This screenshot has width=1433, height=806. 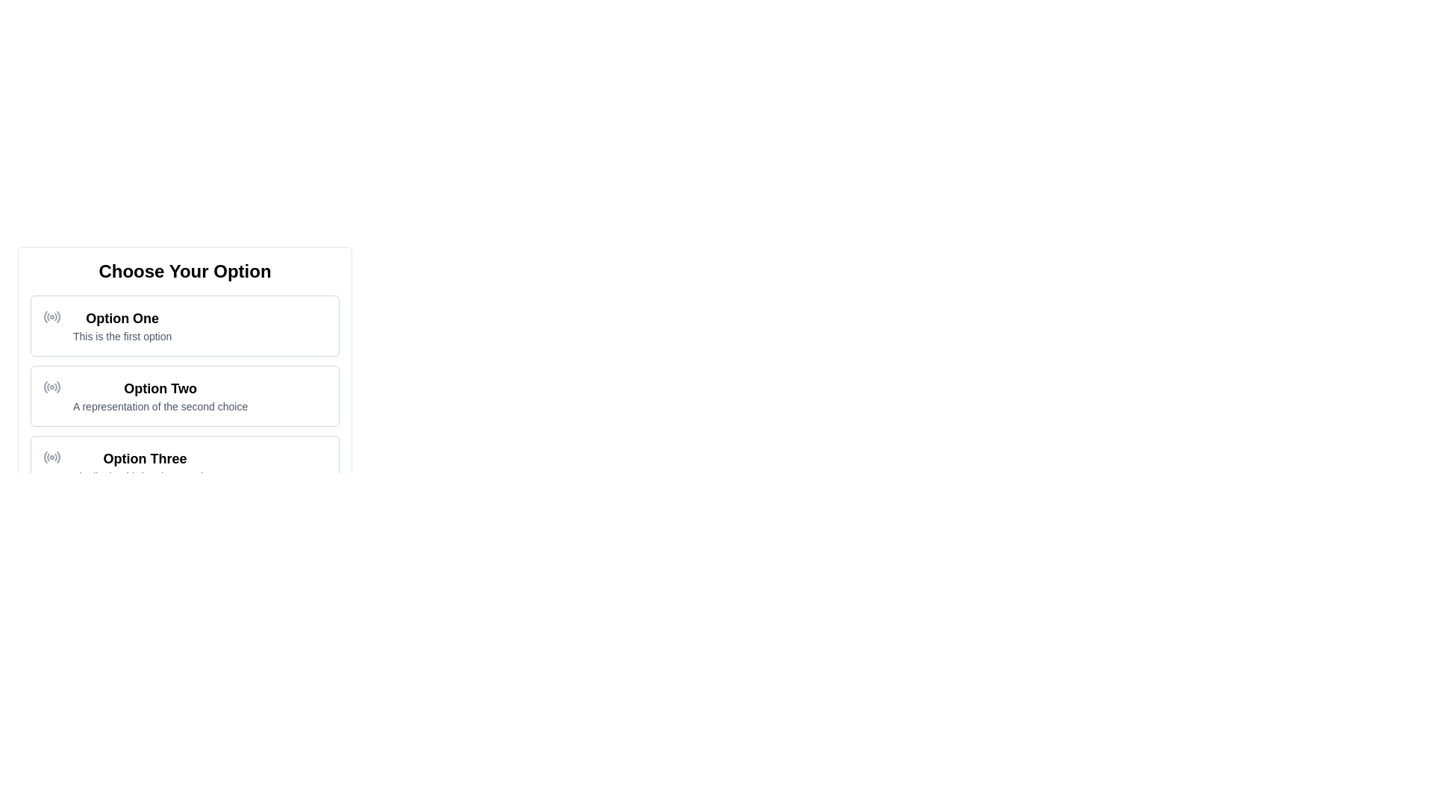 I want to click on the small, curved line segment of the circular radio button icon labeled 'Option Three', so click(x=46, y=457).